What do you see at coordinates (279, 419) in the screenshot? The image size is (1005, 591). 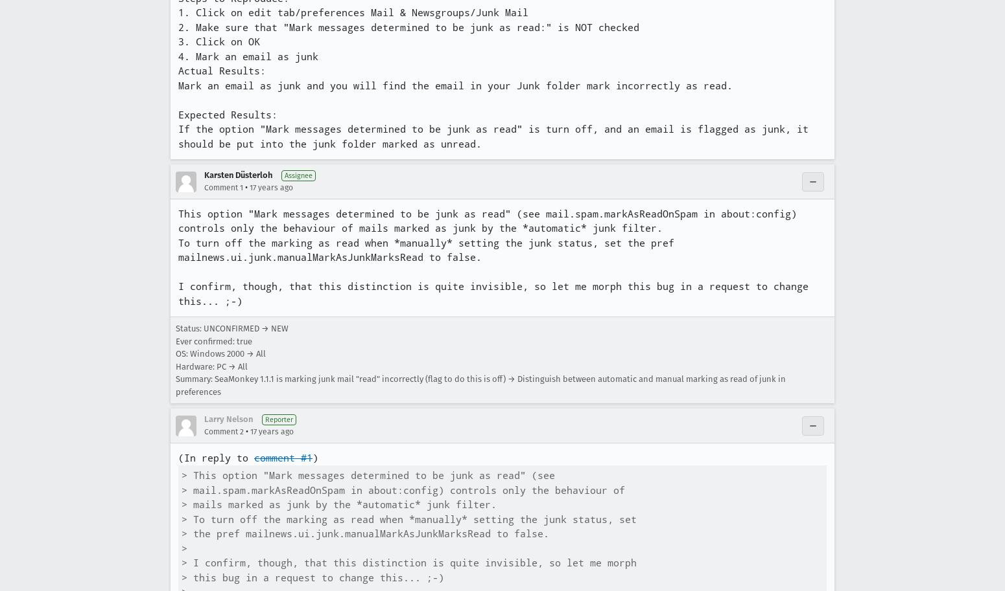 I see `'Reporter'` at bounding box center [279, 419].